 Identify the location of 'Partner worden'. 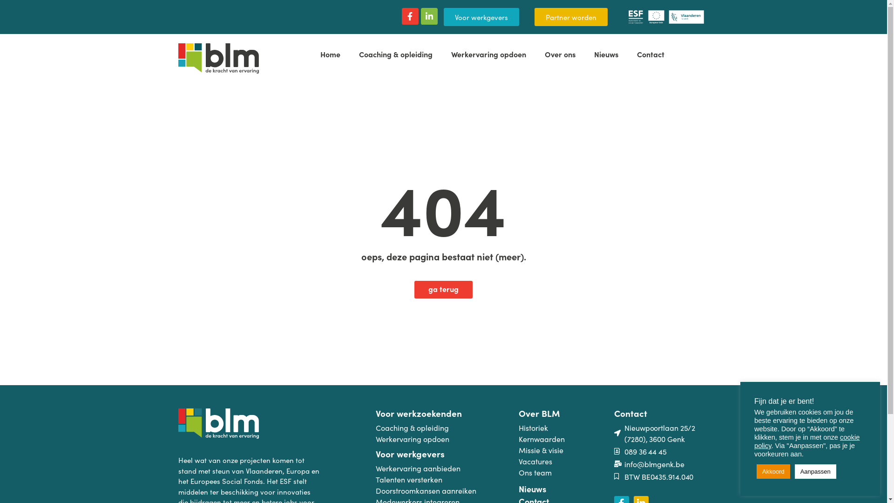
(570, 17).